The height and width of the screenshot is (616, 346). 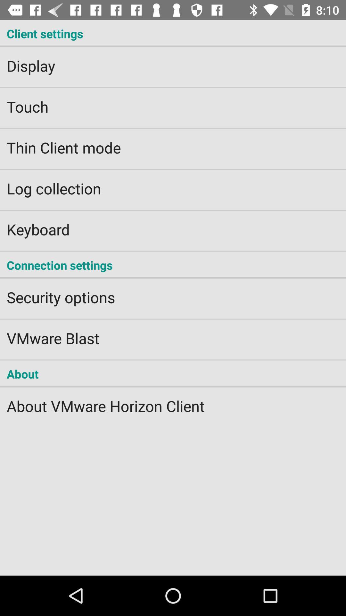 What do you see at coordinates (173, 102) in the screenshot?
I see `touch` at bounding box center [173, 102].